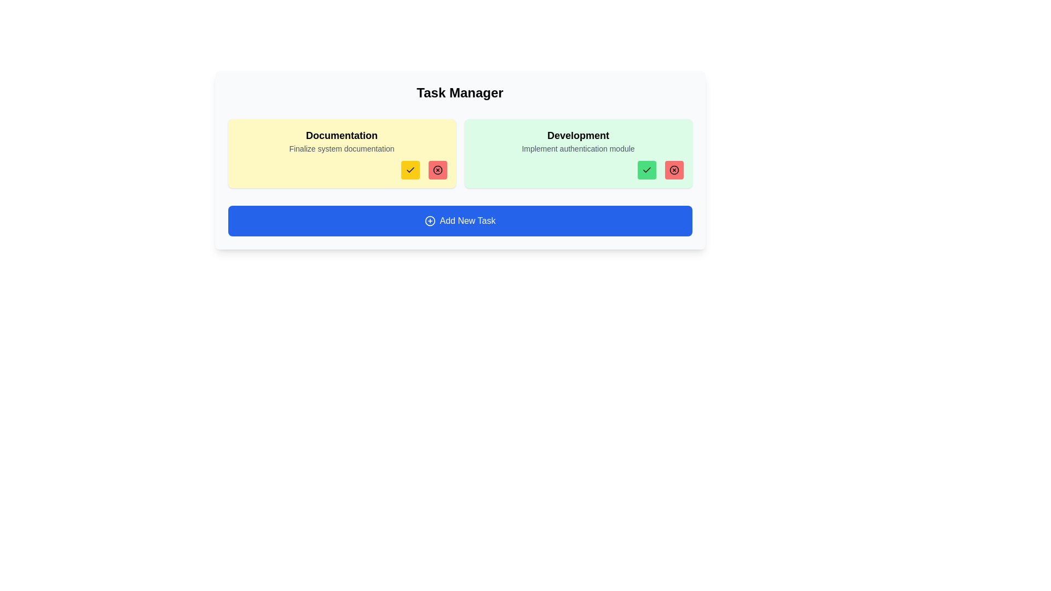  I want to click on the yellow rounded rectangle button with a black checkmark icon located in the bottom right of the 'Documentation' task card to confirm the task, so click(409, 170).